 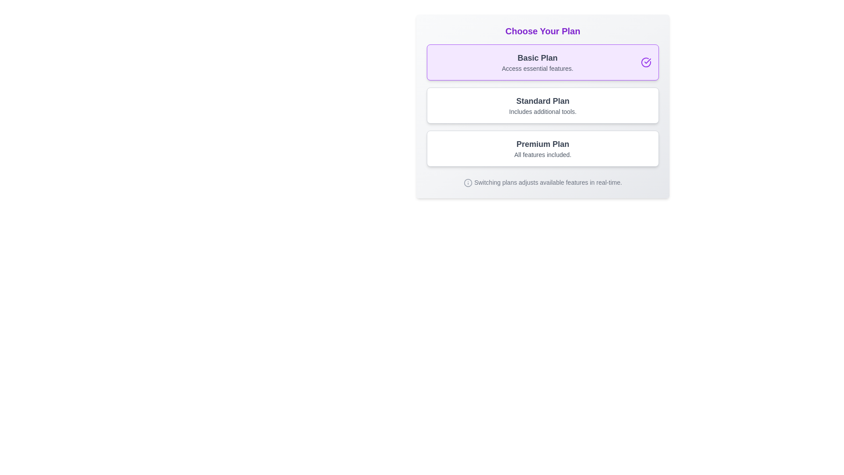 I want to click on the 'Standard Plan' card, which is a rectangular card with a white background, a thin gray border, and features the heading 'Standard Plan' in bold, positioned between 'Basic Plan' and 'Premium Plan' cards, so click(x=542, y=105).